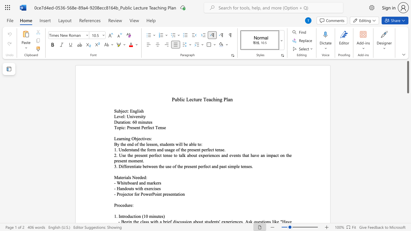 Image resolution: width=411 pixels, height=231 pixels. What do you see at coordinates (136, 138) in the screenshot?
I see `the space between the continuous character "b" and "j" in the text` at bounding box center [136, 138].